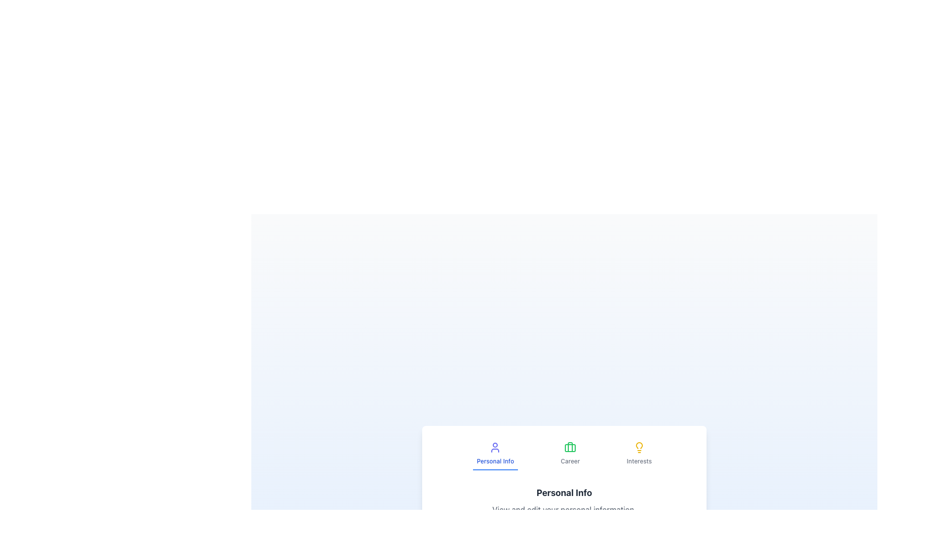  What do you see at coordinates (495, 454) in the screenshot?
I see `the active 'Personal Info' tab, which features a blue user icon and the text 'Personal Info'` at bounding box center [495, 454].